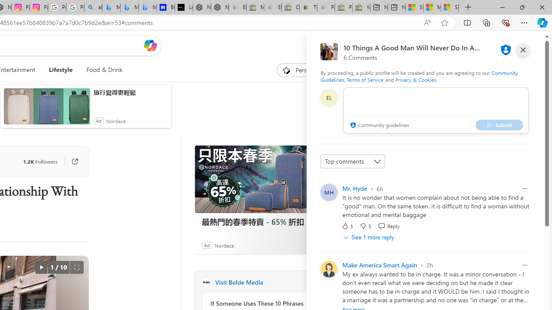 Image resolution: width=552 pixels, height=310 pixels. I want to click on 'Dislike', so click(365, 225).